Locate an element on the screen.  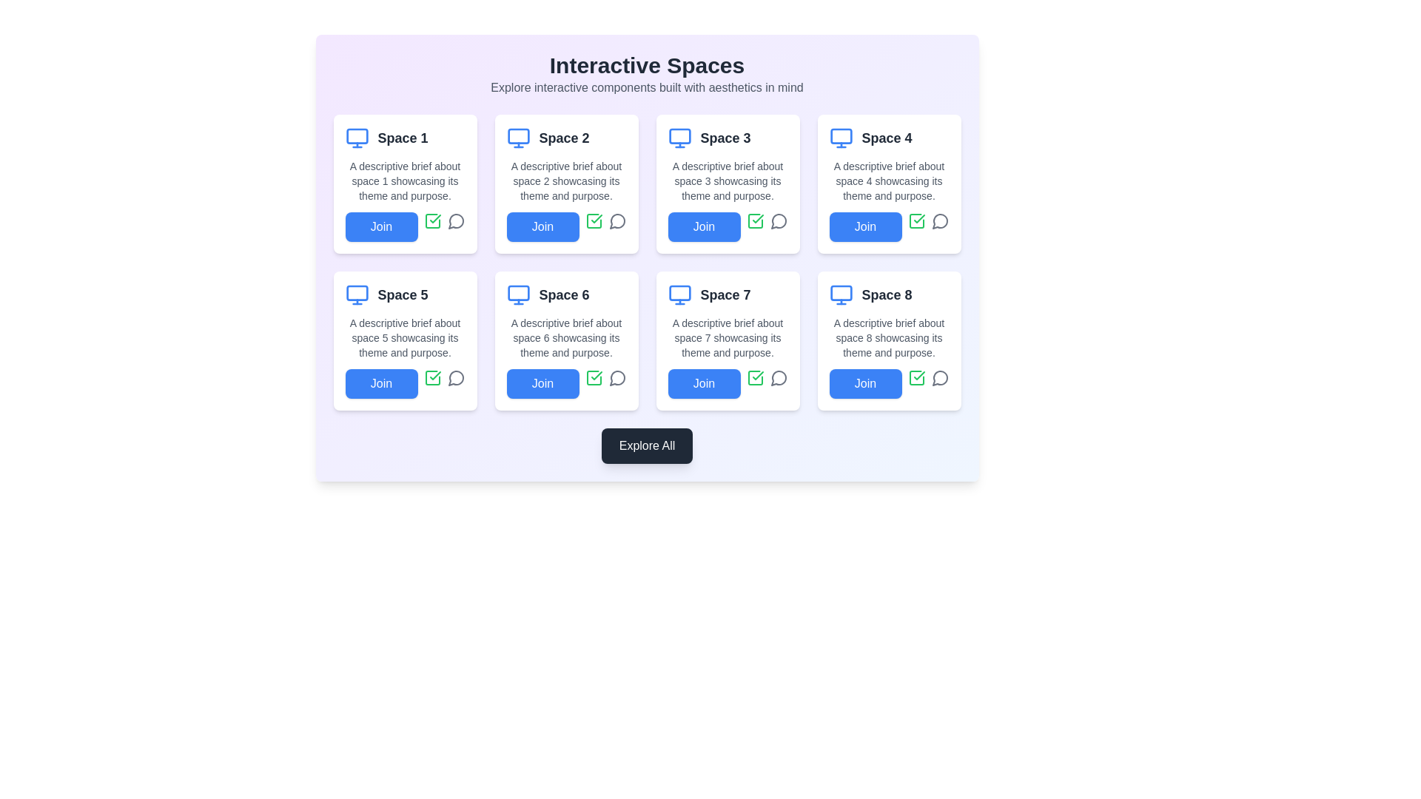
the computer monitor icon with a blue border located in the top-left corner of the 'Space 4' section, above the title 'Space 4' is located at coordinates (841, 138).